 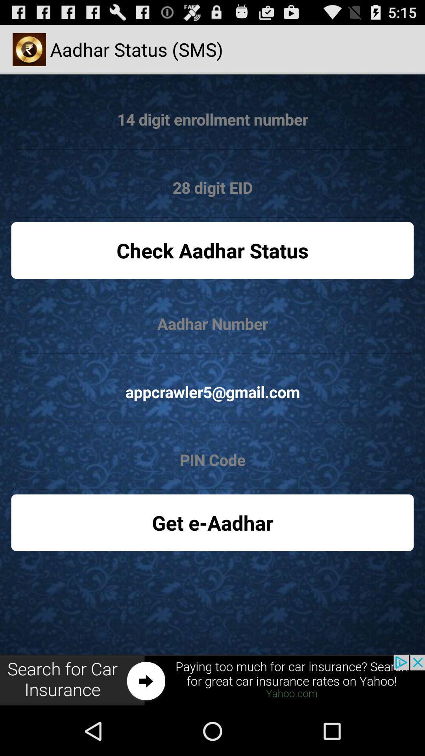 I want to click on option, so click(x=213, y=187).